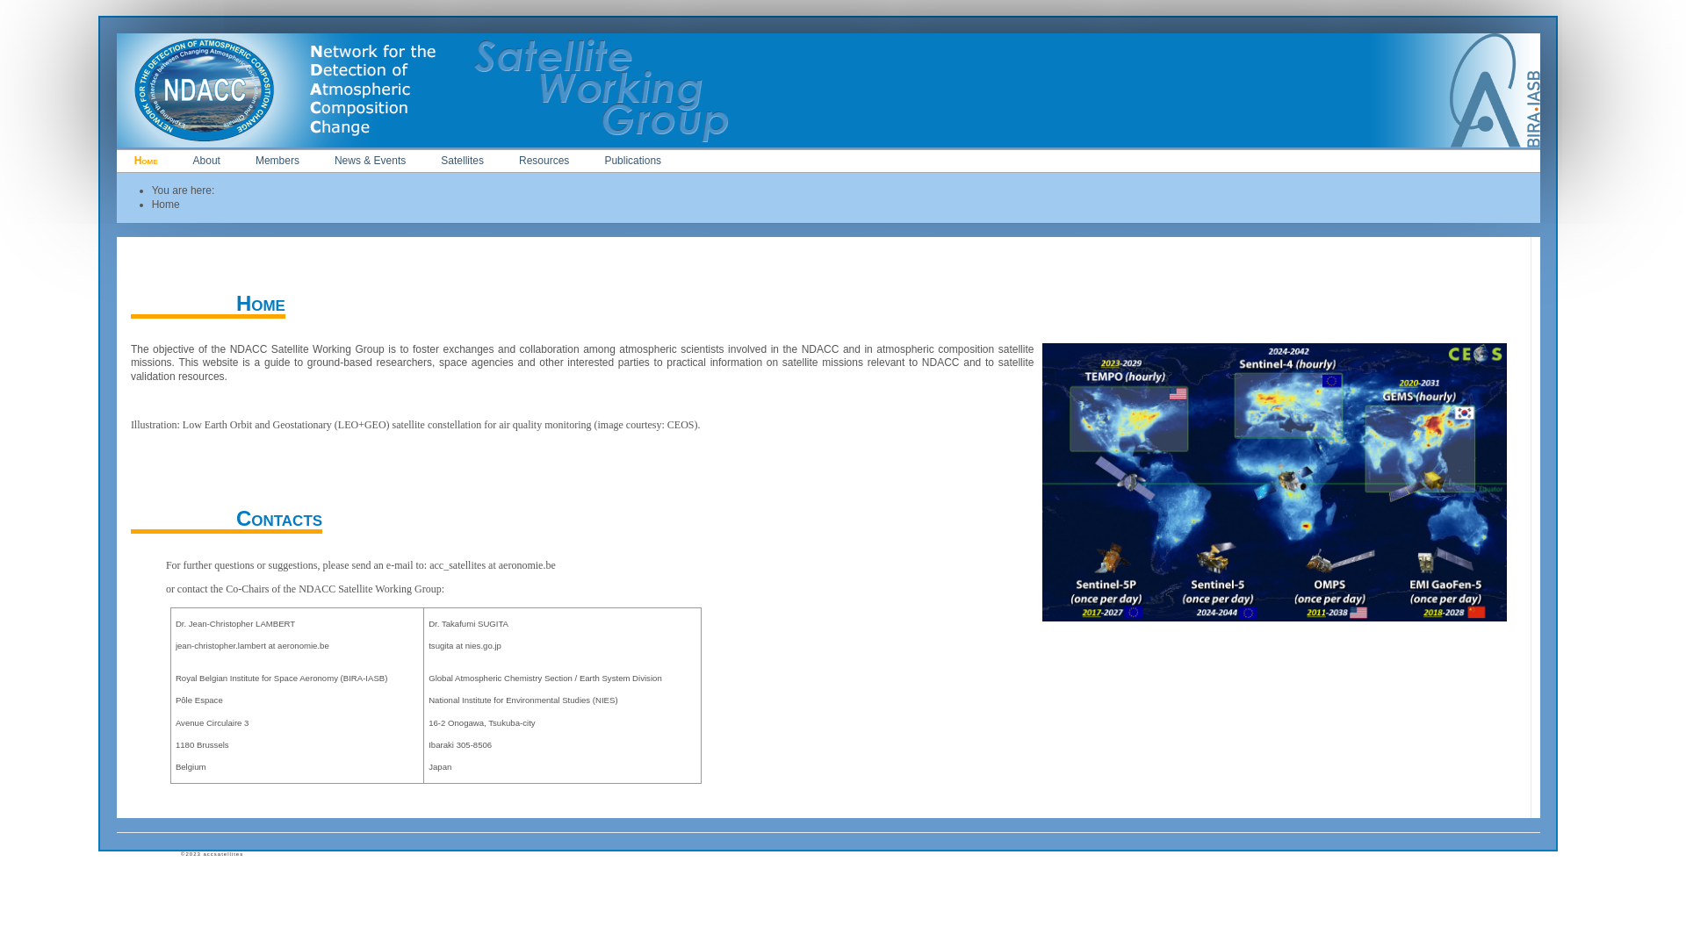  What do you see at coordinates (462, 160) in the screenshot?
I see `'Satellites'` at bounding box center [462, 160].